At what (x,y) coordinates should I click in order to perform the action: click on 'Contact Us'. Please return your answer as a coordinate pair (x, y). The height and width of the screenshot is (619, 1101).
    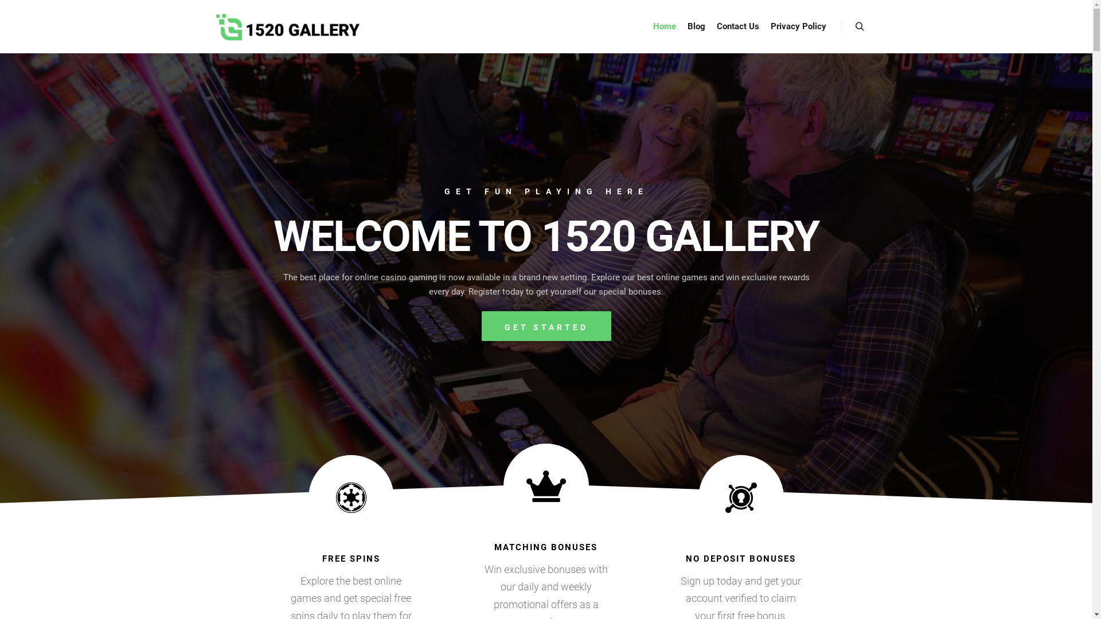
    Looking at the image, I should click on (737, 26).